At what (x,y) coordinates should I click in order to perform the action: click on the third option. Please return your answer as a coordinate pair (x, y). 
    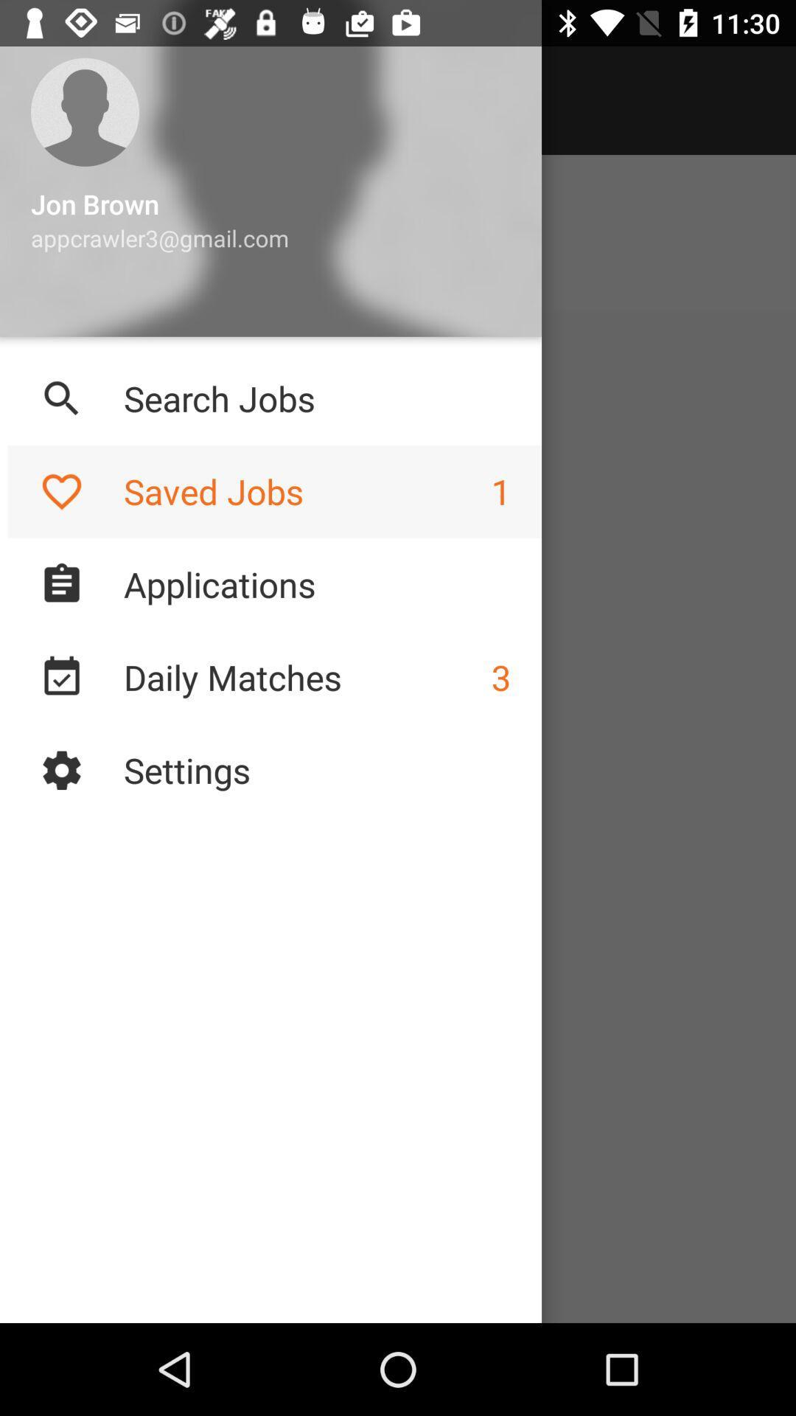
    Looking at the image, I should click on (61, 583).